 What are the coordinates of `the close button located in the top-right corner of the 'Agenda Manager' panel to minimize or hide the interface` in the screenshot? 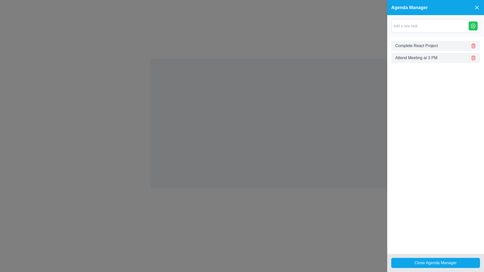 It's located at (476, 8).